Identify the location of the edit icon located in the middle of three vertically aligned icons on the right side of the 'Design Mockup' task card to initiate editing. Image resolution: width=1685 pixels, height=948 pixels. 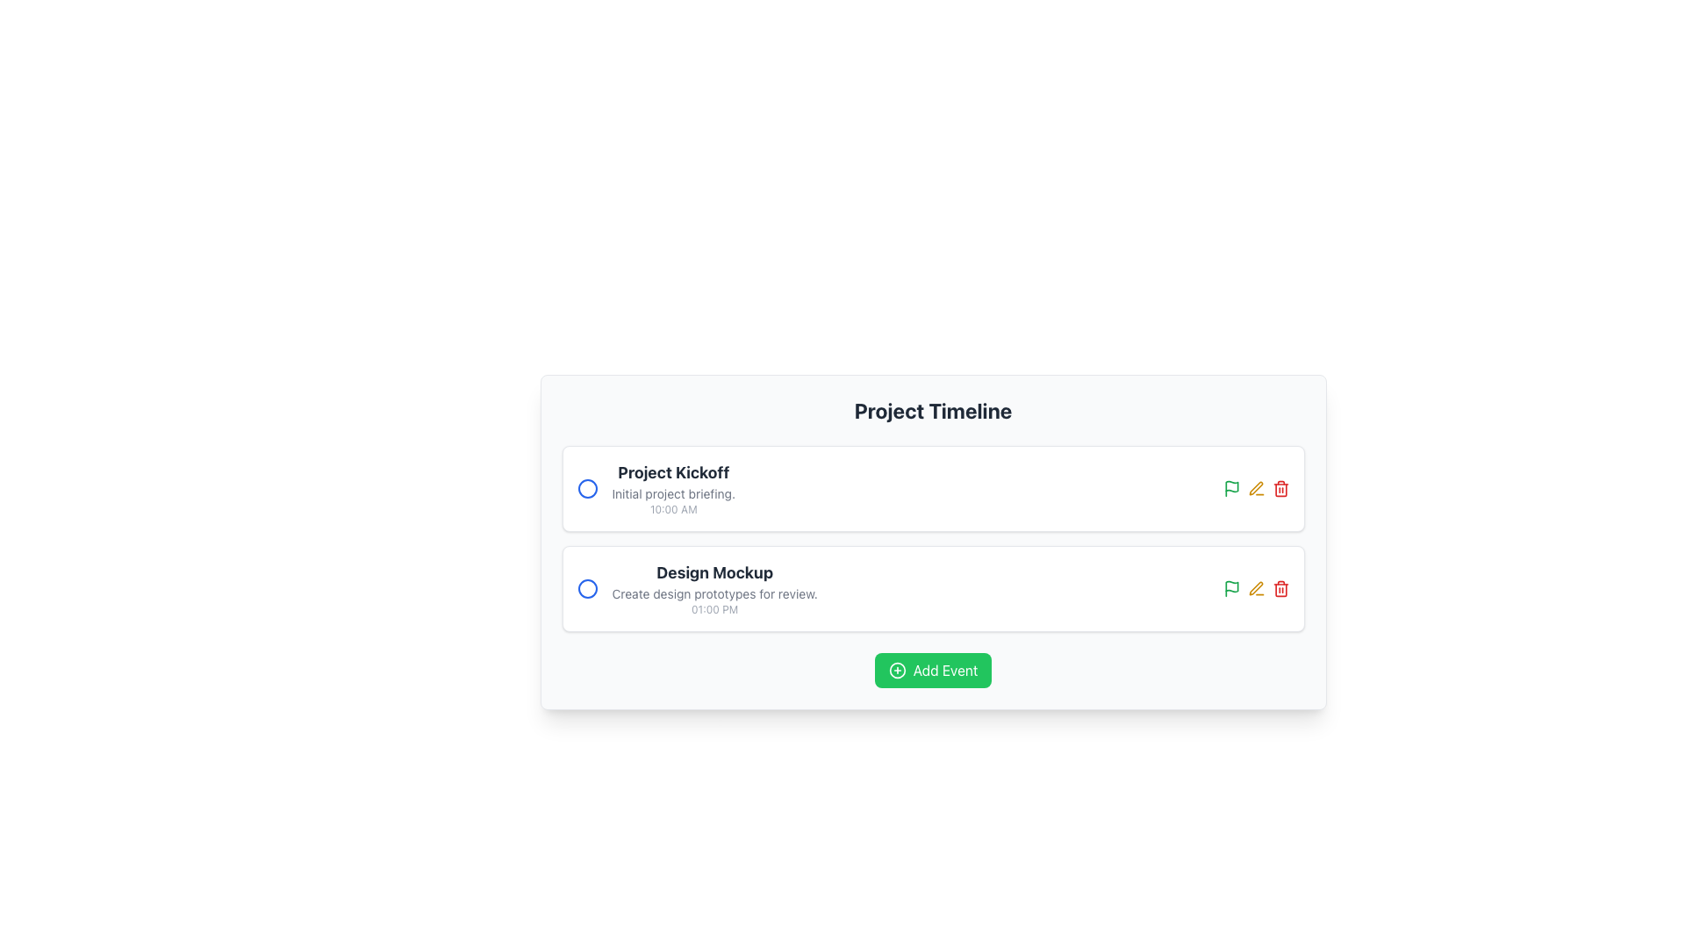
(1255, 589).